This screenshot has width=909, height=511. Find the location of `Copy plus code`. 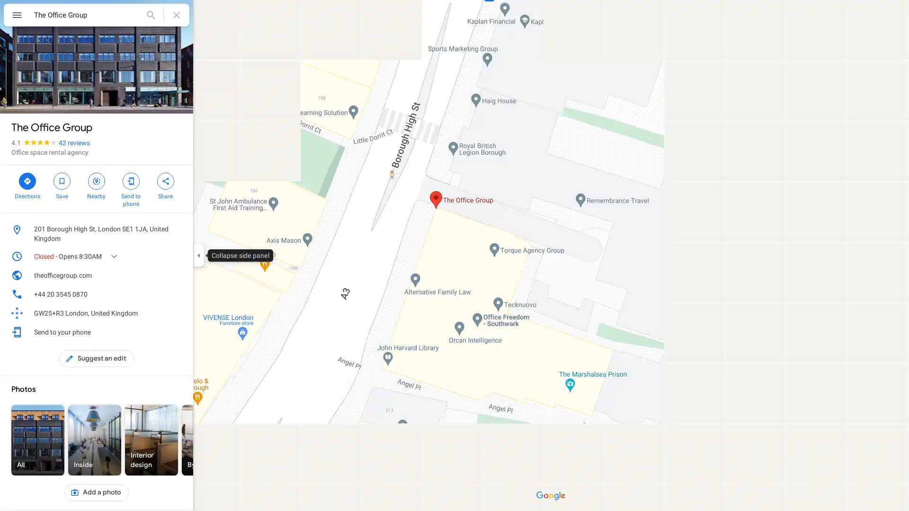

Copy plus code is located at coordinates (163, 313).